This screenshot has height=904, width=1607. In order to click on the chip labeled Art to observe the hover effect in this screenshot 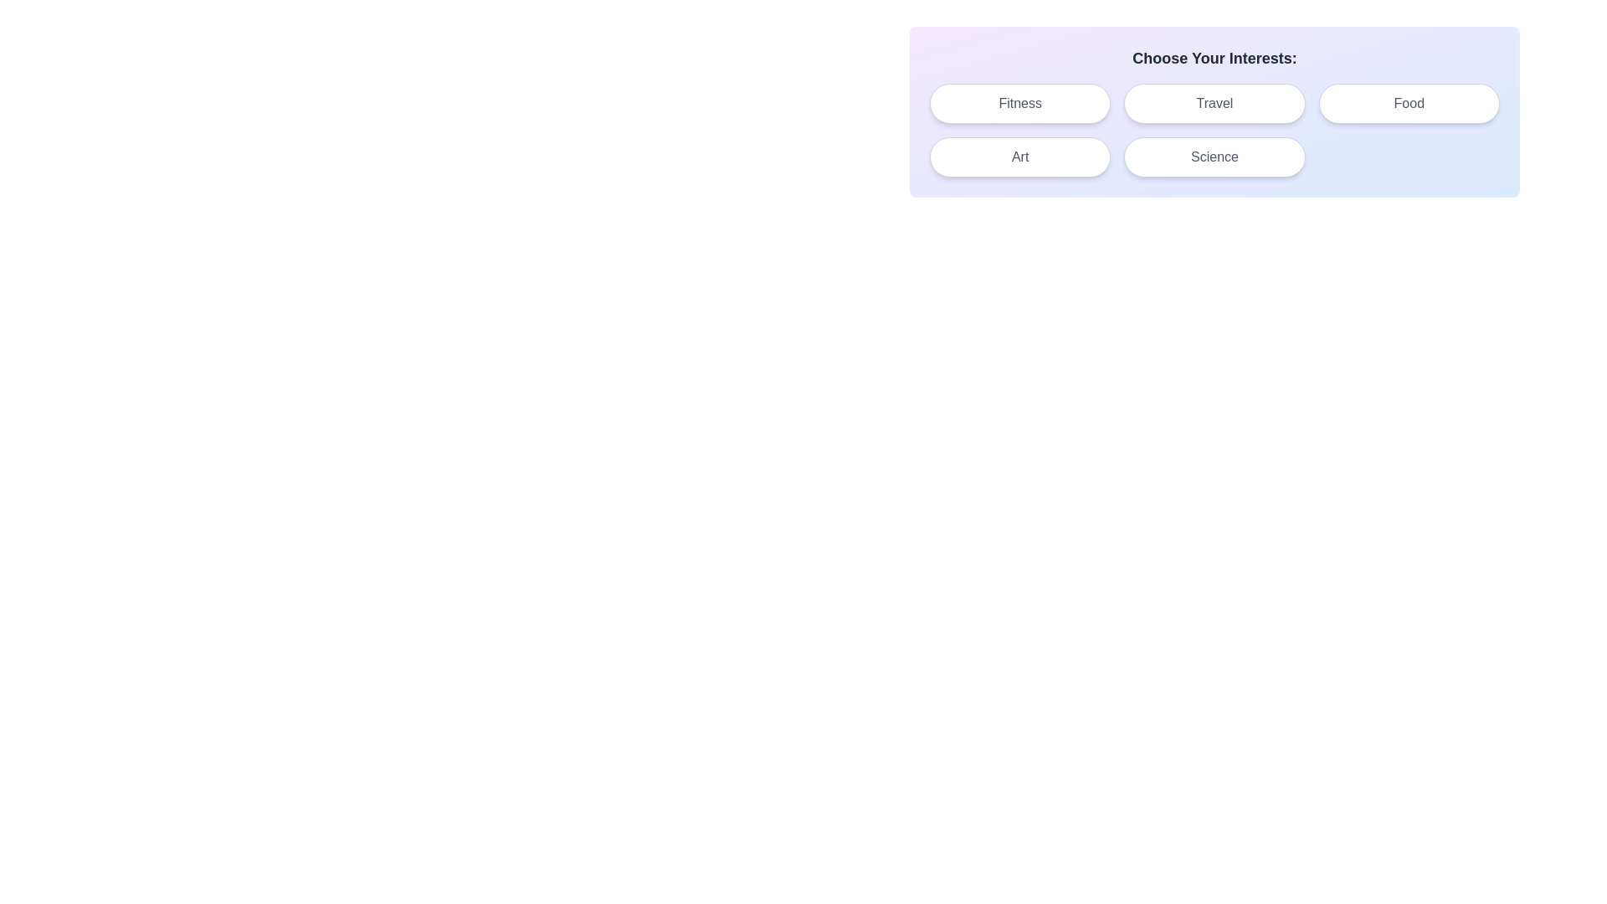, I will do `click(1019, 157)`.